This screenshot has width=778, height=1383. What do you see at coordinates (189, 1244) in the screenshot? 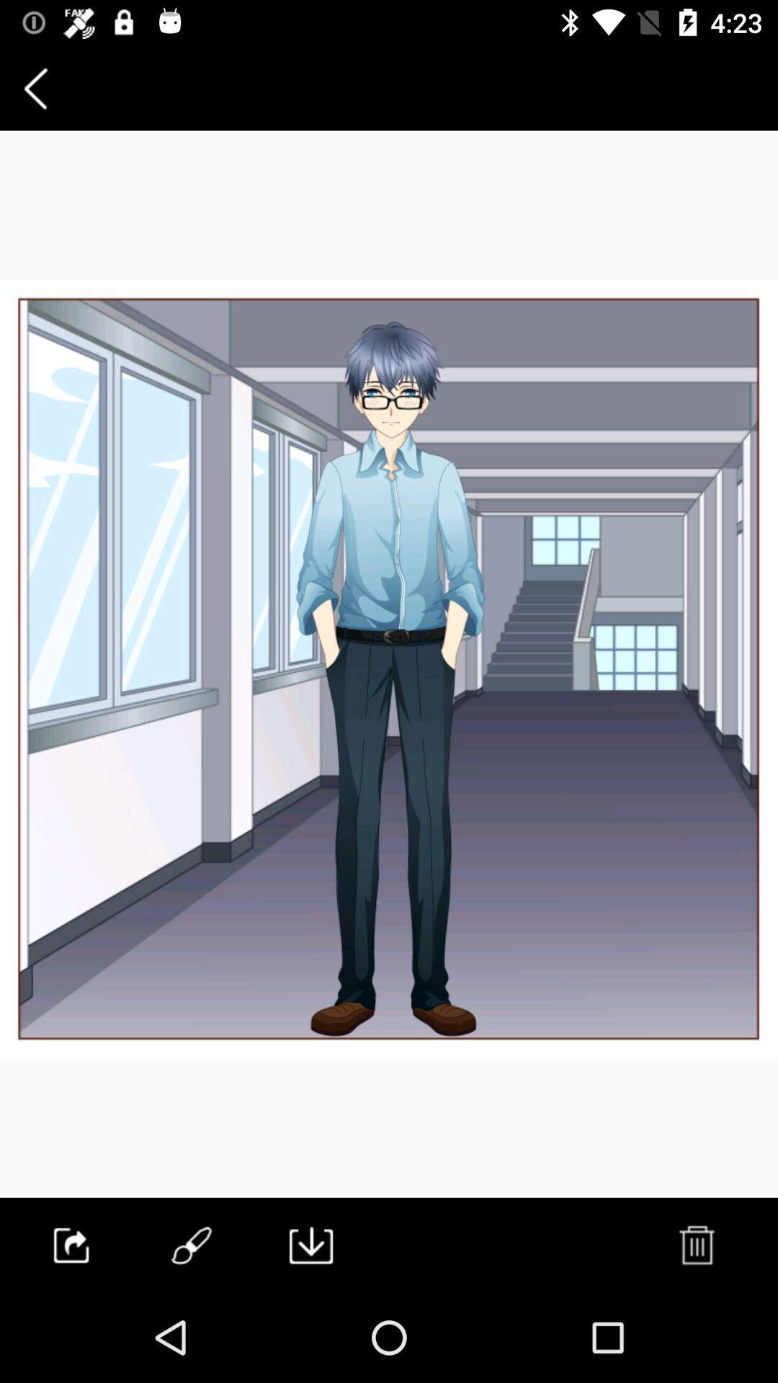
I see `the edit icon` at bounding box center [189, 1244].